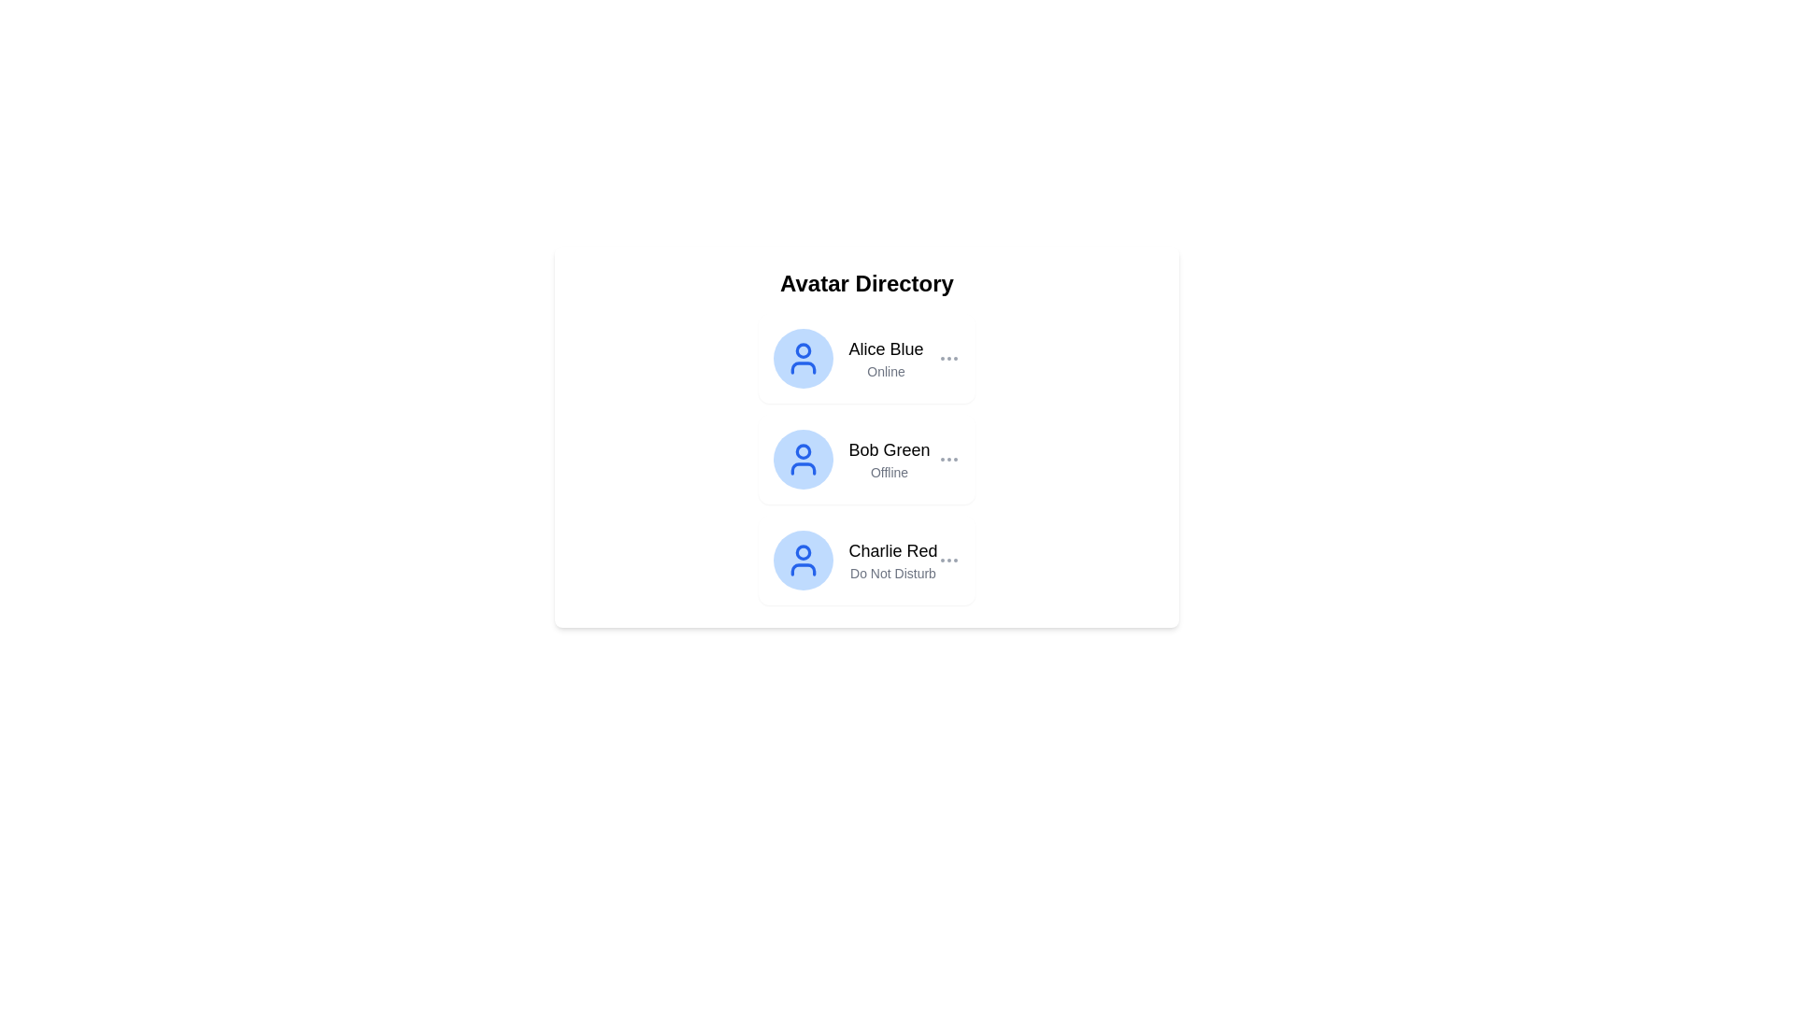 The image size is (1794, 1009). Describe the element at coordinates (865, 460) in the screenshot. I see `the second user card in the 'Avatar Directory' list` at that location.